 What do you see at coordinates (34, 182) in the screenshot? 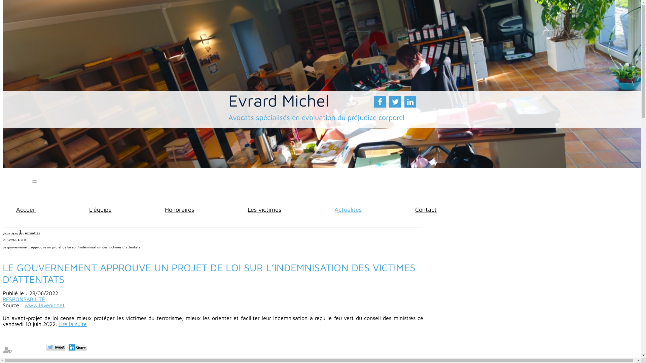
I see `'Ouvrir le menu'` at bounding box center [34, 182].